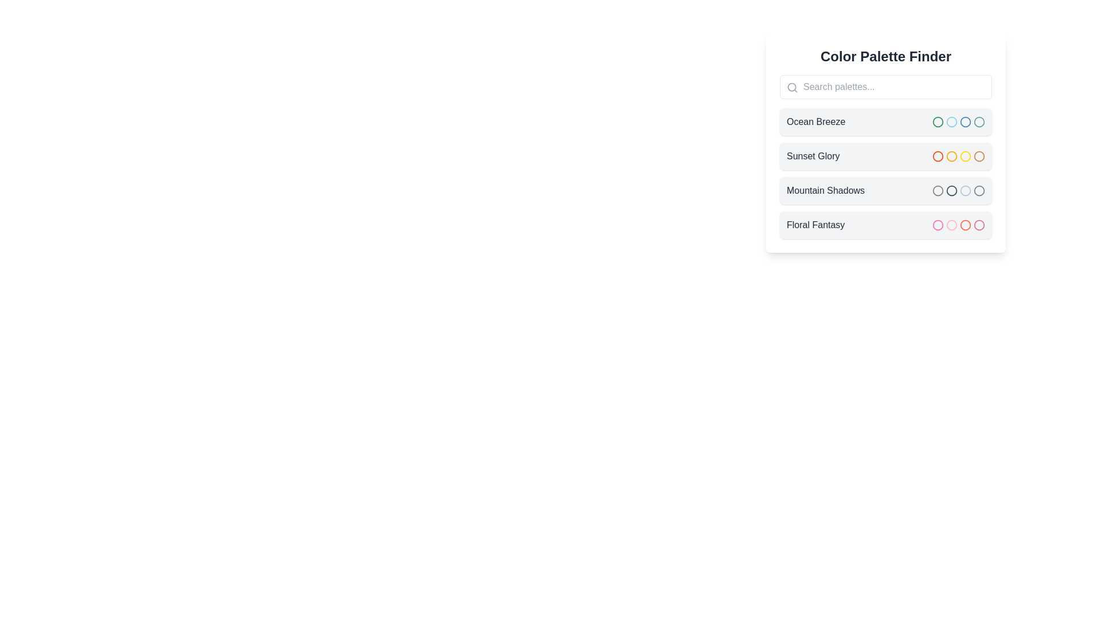  Describe the element at coordinates (813, 156) in the screenshot. I see `the 'Sunset Glory' static text label, which is displayed in a medium-weight font style and dark gray color` at that location.